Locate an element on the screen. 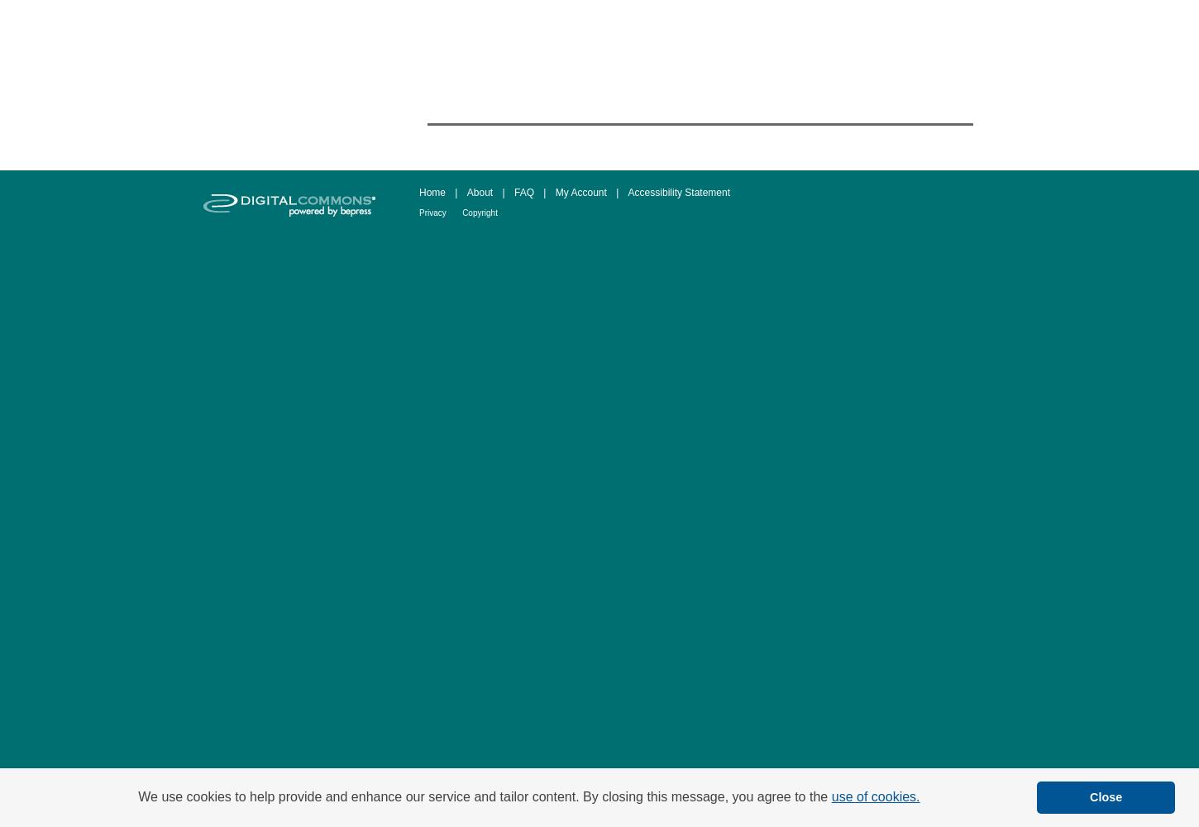 The image size is (1199, 827). 'FAQ' is located at coordinates (513, 192).